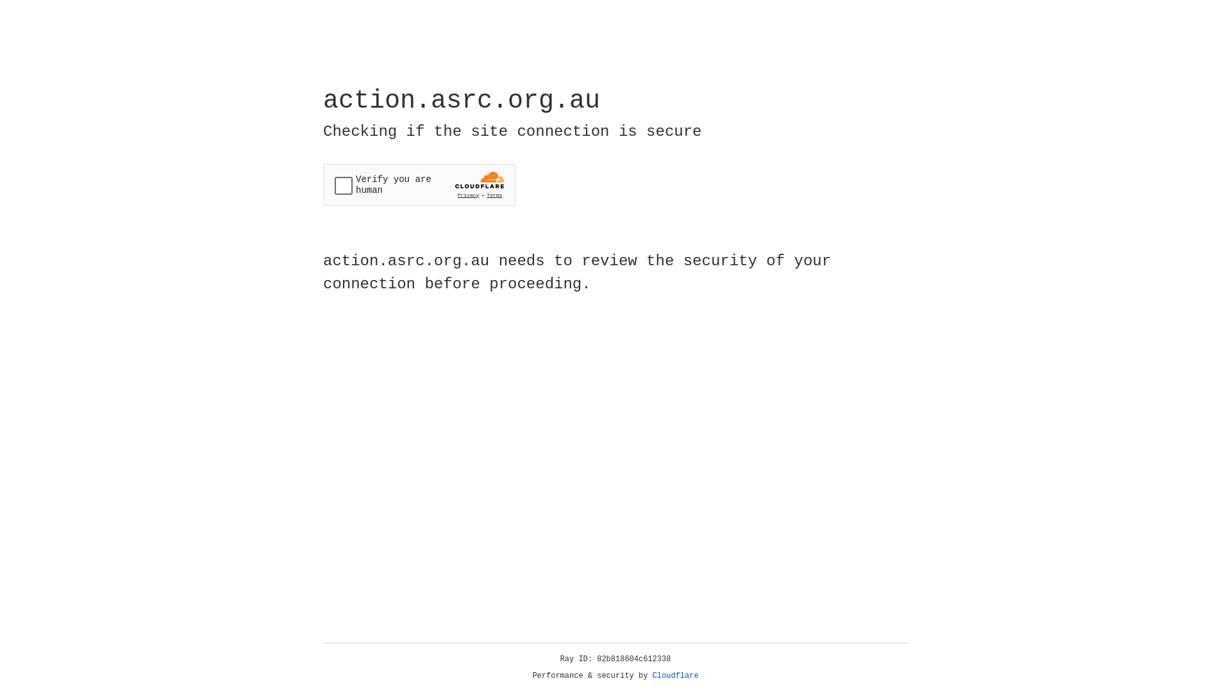 The height and width of the screenshot is (692, 1231). I want to click on 'Cloudflare', so click(675, 675).